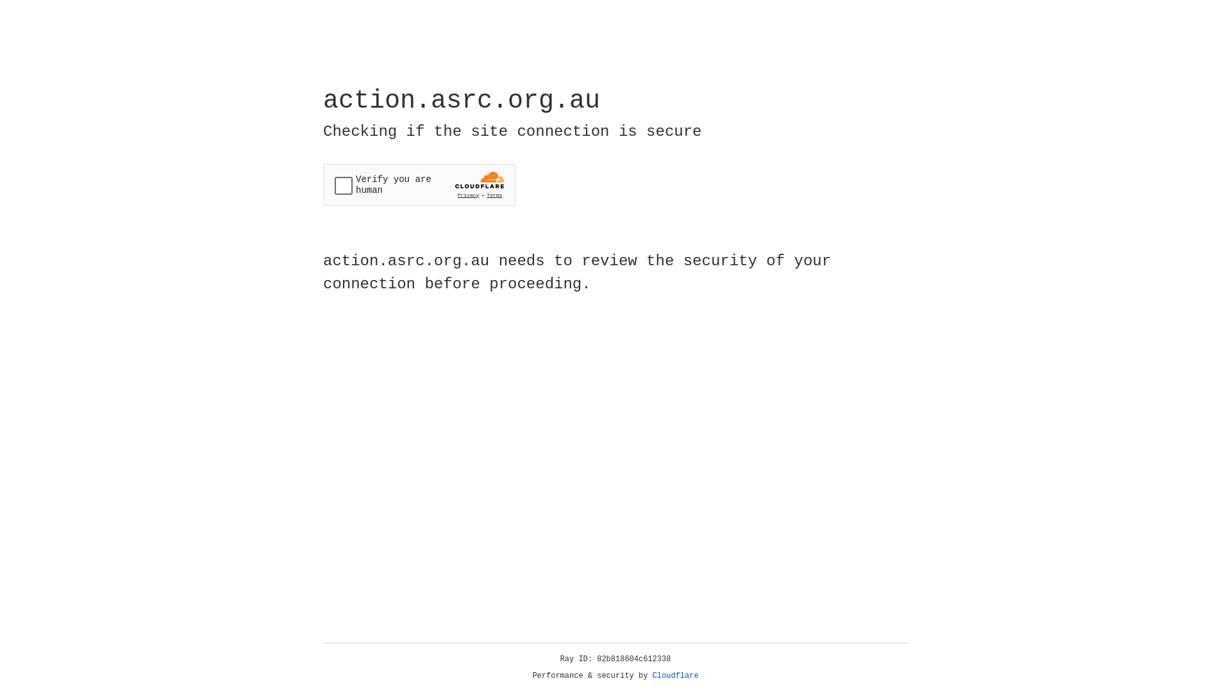 The height and width of the screenshot is (692, 1231). I want to click on 'Cloudflare', so click(675, 675).